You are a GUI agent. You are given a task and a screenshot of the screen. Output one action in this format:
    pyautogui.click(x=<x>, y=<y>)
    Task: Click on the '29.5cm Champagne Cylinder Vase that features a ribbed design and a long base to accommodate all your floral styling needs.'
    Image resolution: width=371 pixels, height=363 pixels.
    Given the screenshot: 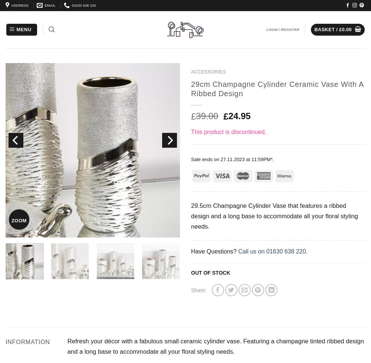 What is the action you would take?
    pyautogui.click(x=191, y=216)
    